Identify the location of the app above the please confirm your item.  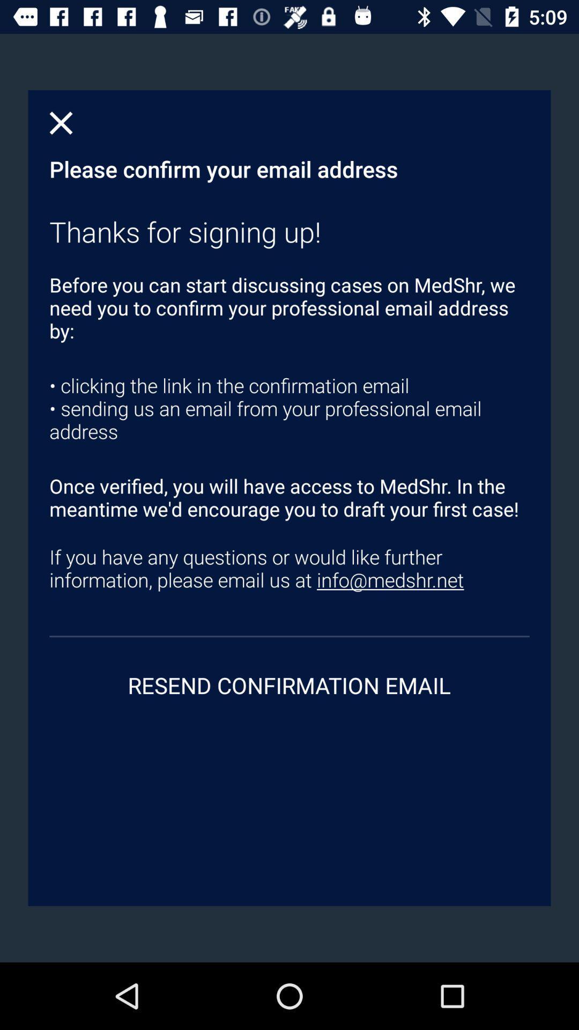
(61, 123).